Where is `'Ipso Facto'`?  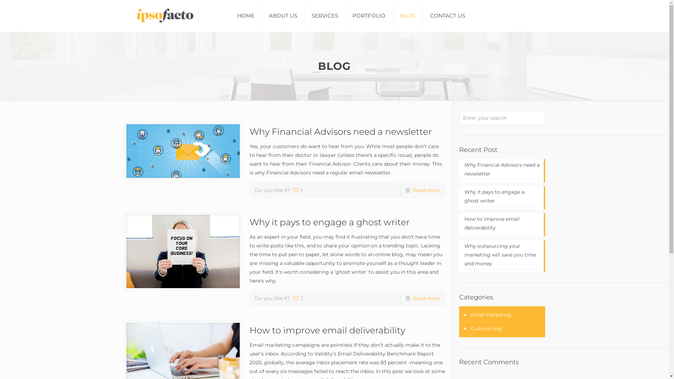 'Ipso Facto' is located at coordinates (162, 16).